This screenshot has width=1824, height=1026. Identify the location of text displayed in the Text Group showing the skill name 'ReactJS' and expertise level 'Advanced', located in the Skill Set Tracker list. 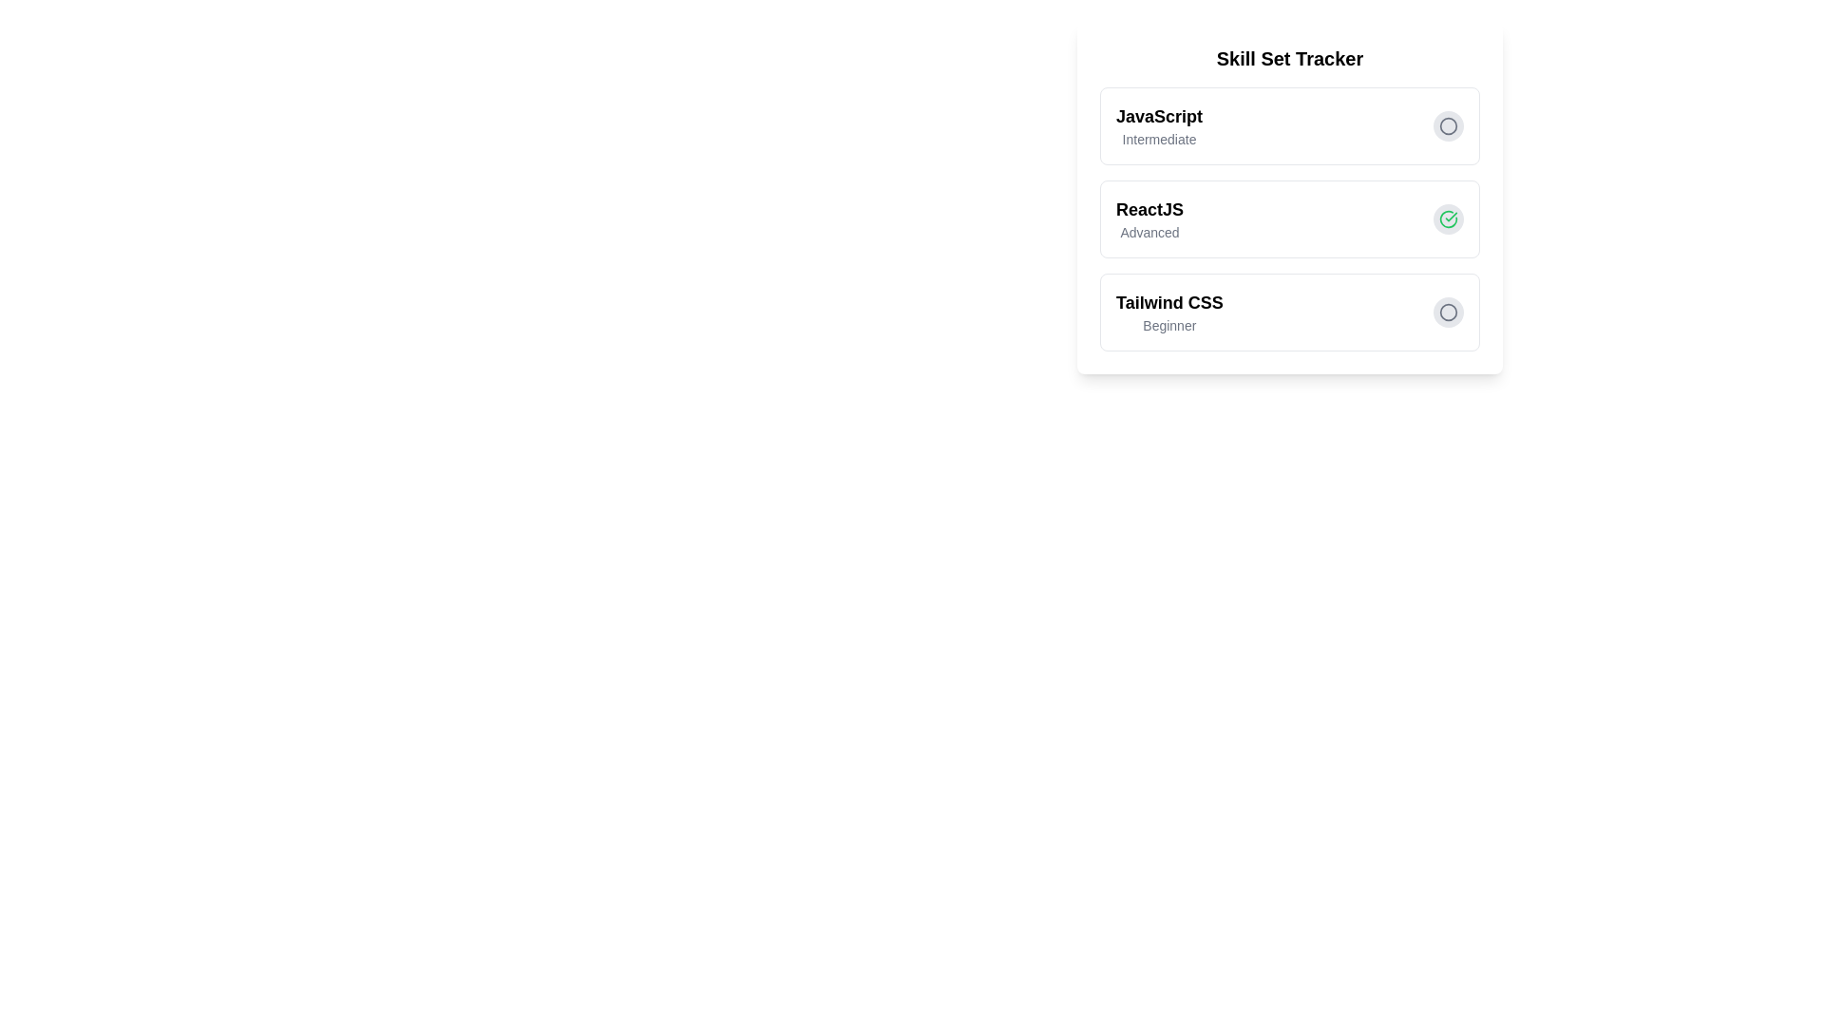
(1149, 218).